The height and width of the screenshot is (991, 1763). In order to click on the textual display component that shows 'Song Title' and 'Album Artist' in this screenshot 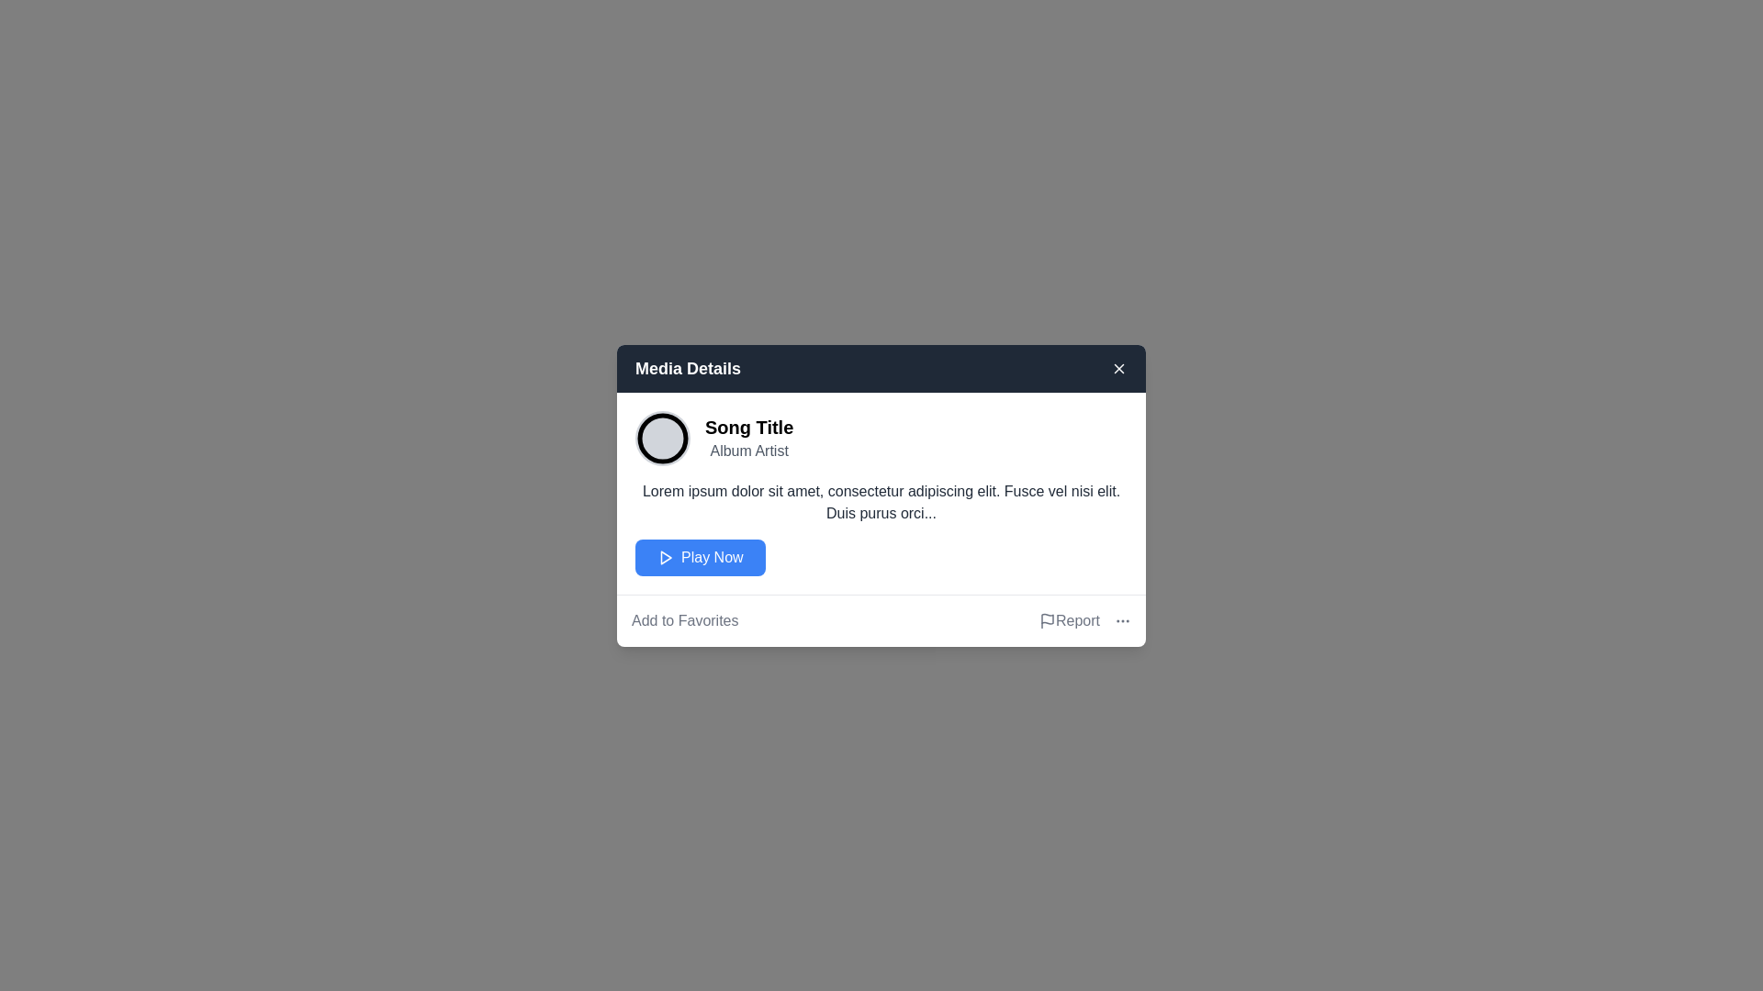, I will do `click(749, 438)`.